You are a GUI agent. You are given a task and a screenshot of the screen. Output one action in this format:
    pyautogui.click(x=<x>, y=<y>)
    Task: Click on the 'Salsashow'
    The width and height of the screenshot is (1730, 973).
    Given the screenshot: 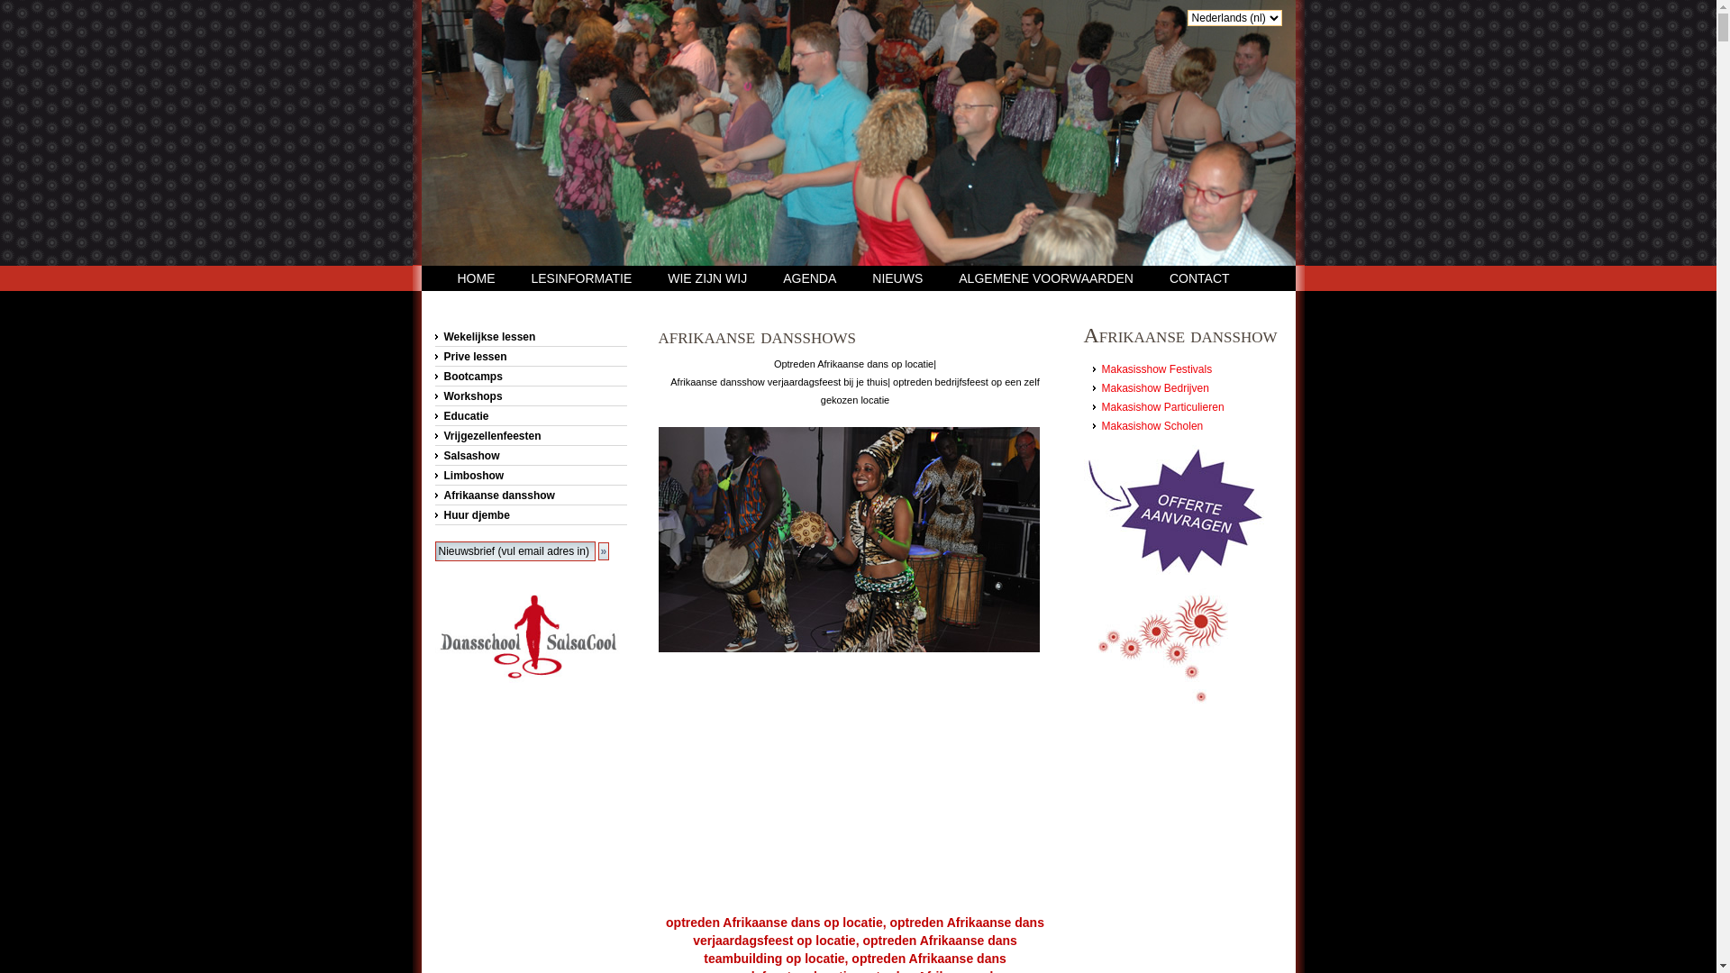 What is the action you would take?
    pyautogui.click(x=529, y=454)
    